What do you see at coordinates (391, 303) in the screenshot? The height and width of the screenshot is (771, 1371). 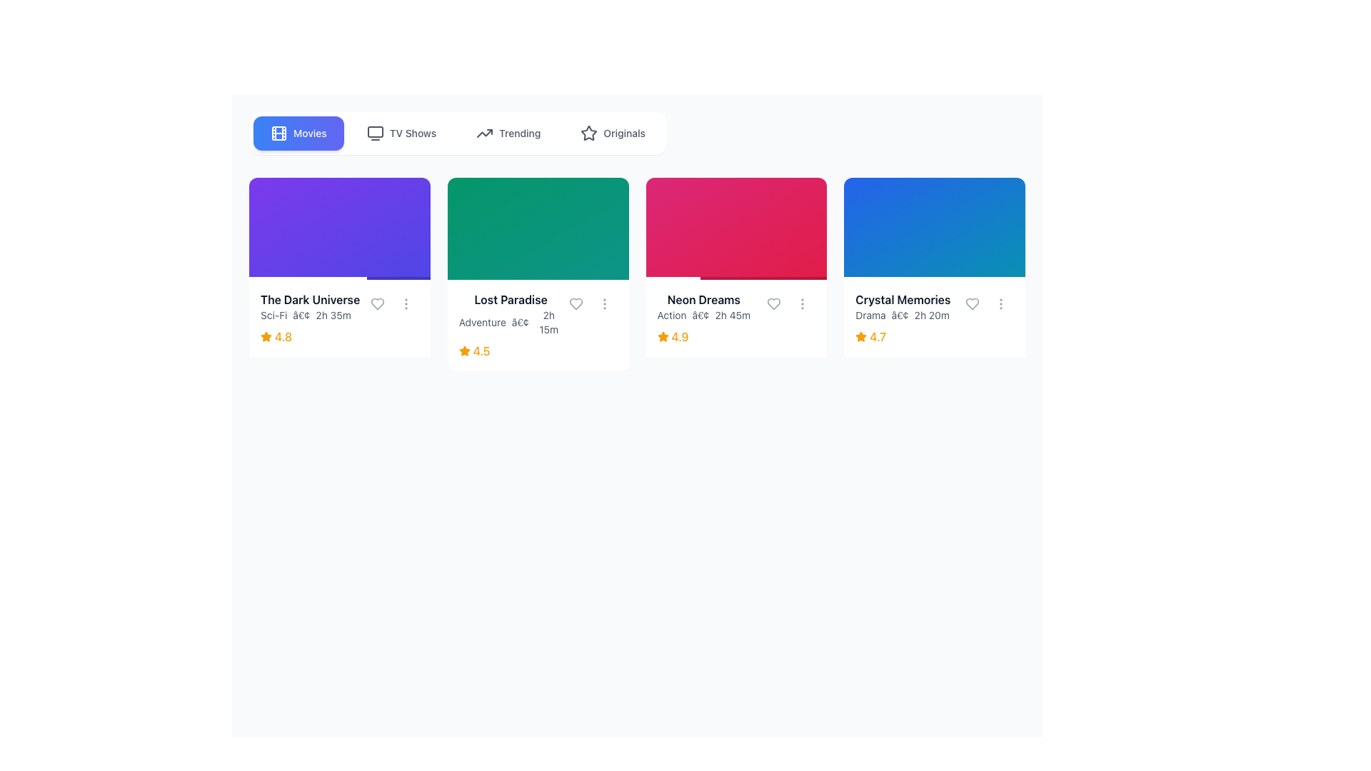 I see `the interactive grouping of icons consisting of a heart outline and three vertically aligned dots located at the bottom-right section of 'The Dark Universe' card` at bounding box center [391, 303].